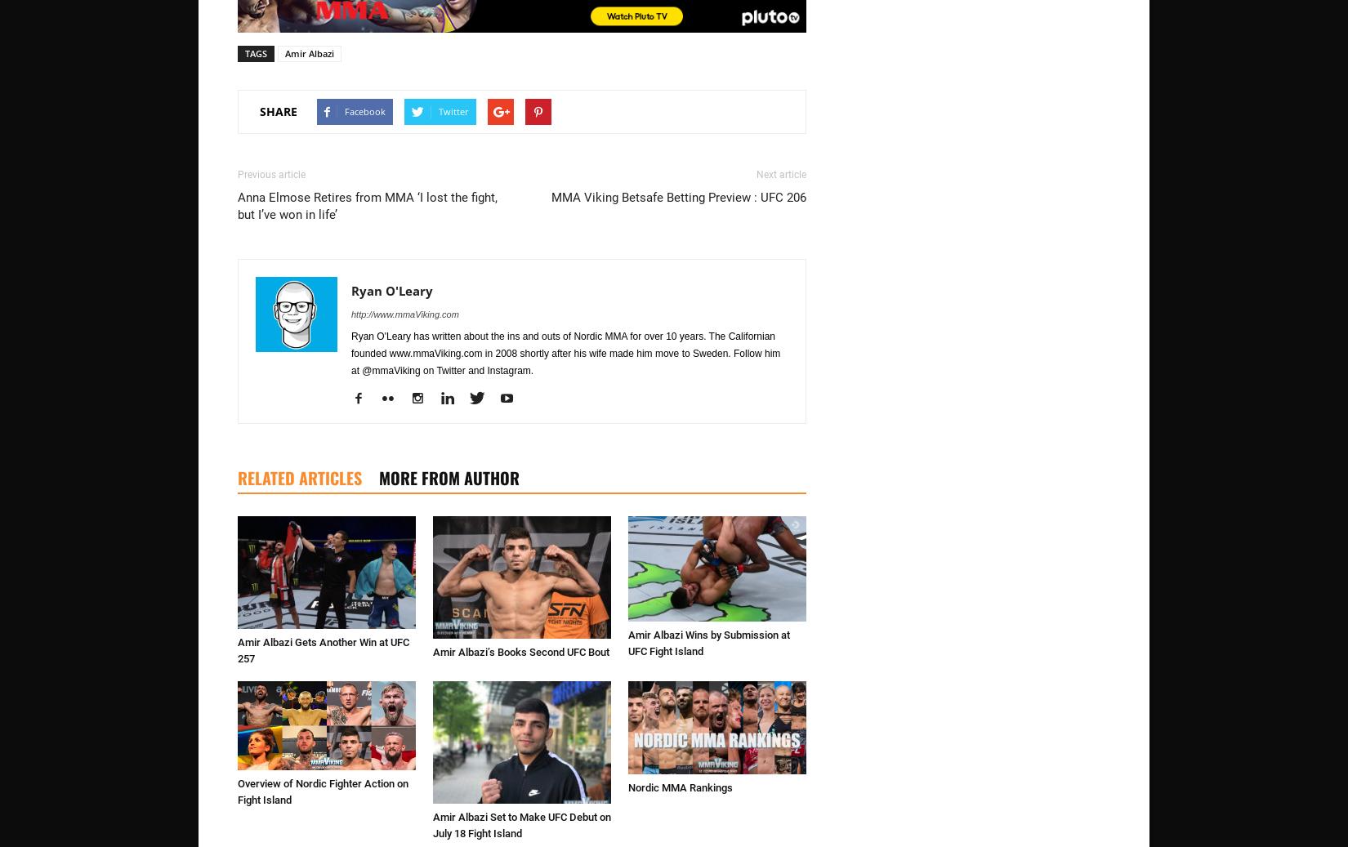 This screenshot has height=847, width=1348. I want to click on 'Overview of Nordic Fighter Action on Fight Island', so click(323, 791).